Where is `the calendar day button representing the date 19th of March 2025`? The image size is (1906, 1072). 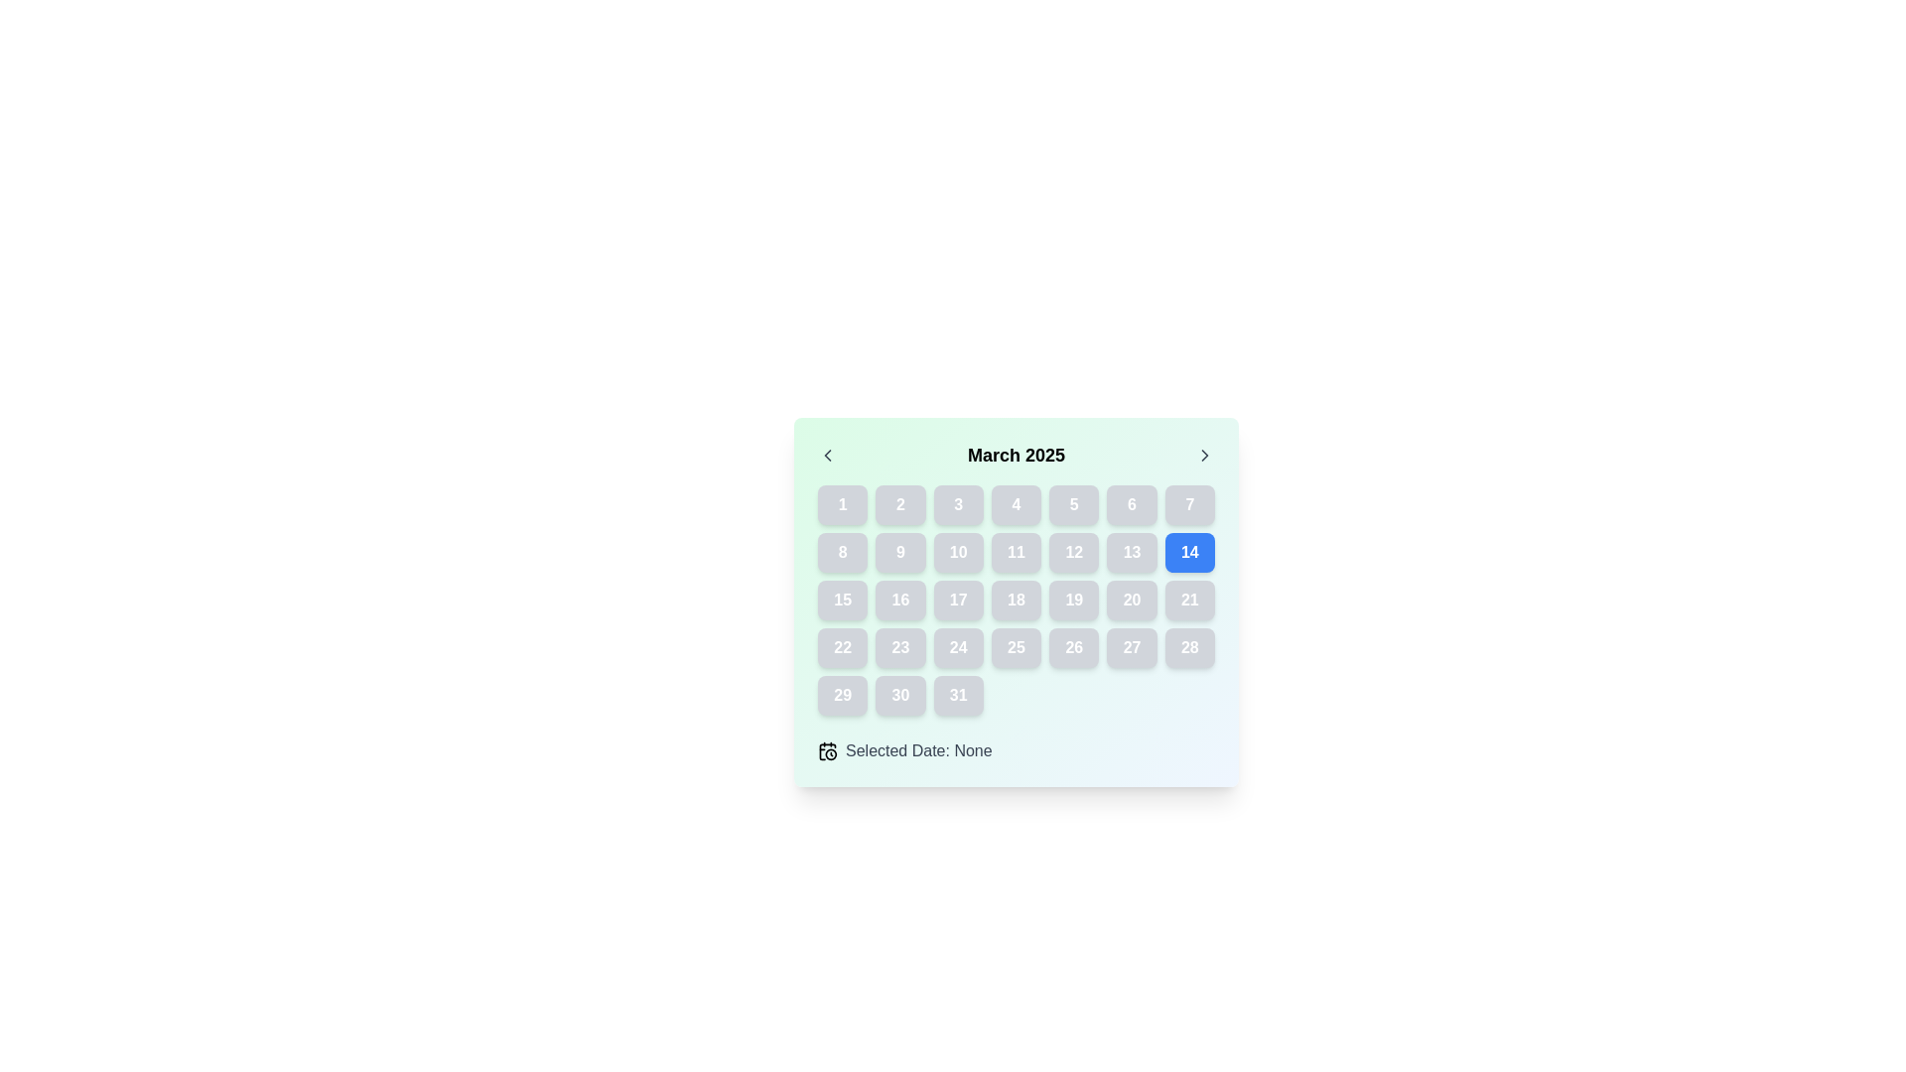 the calendar day button representing the date 19th of March 2025 is located at coordinates (1073, 600).